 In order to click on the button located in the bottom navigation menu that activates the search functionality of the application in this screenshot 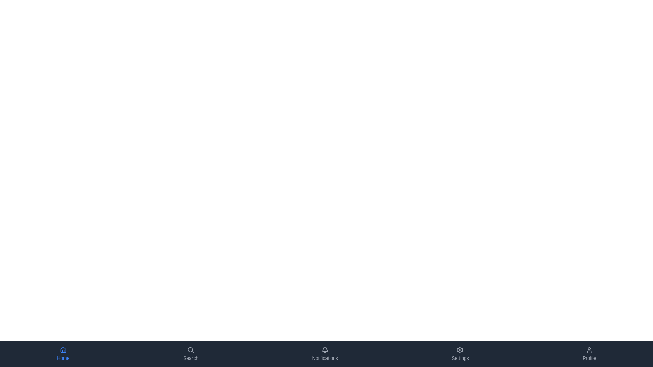, I will do `click(190, 353)`.